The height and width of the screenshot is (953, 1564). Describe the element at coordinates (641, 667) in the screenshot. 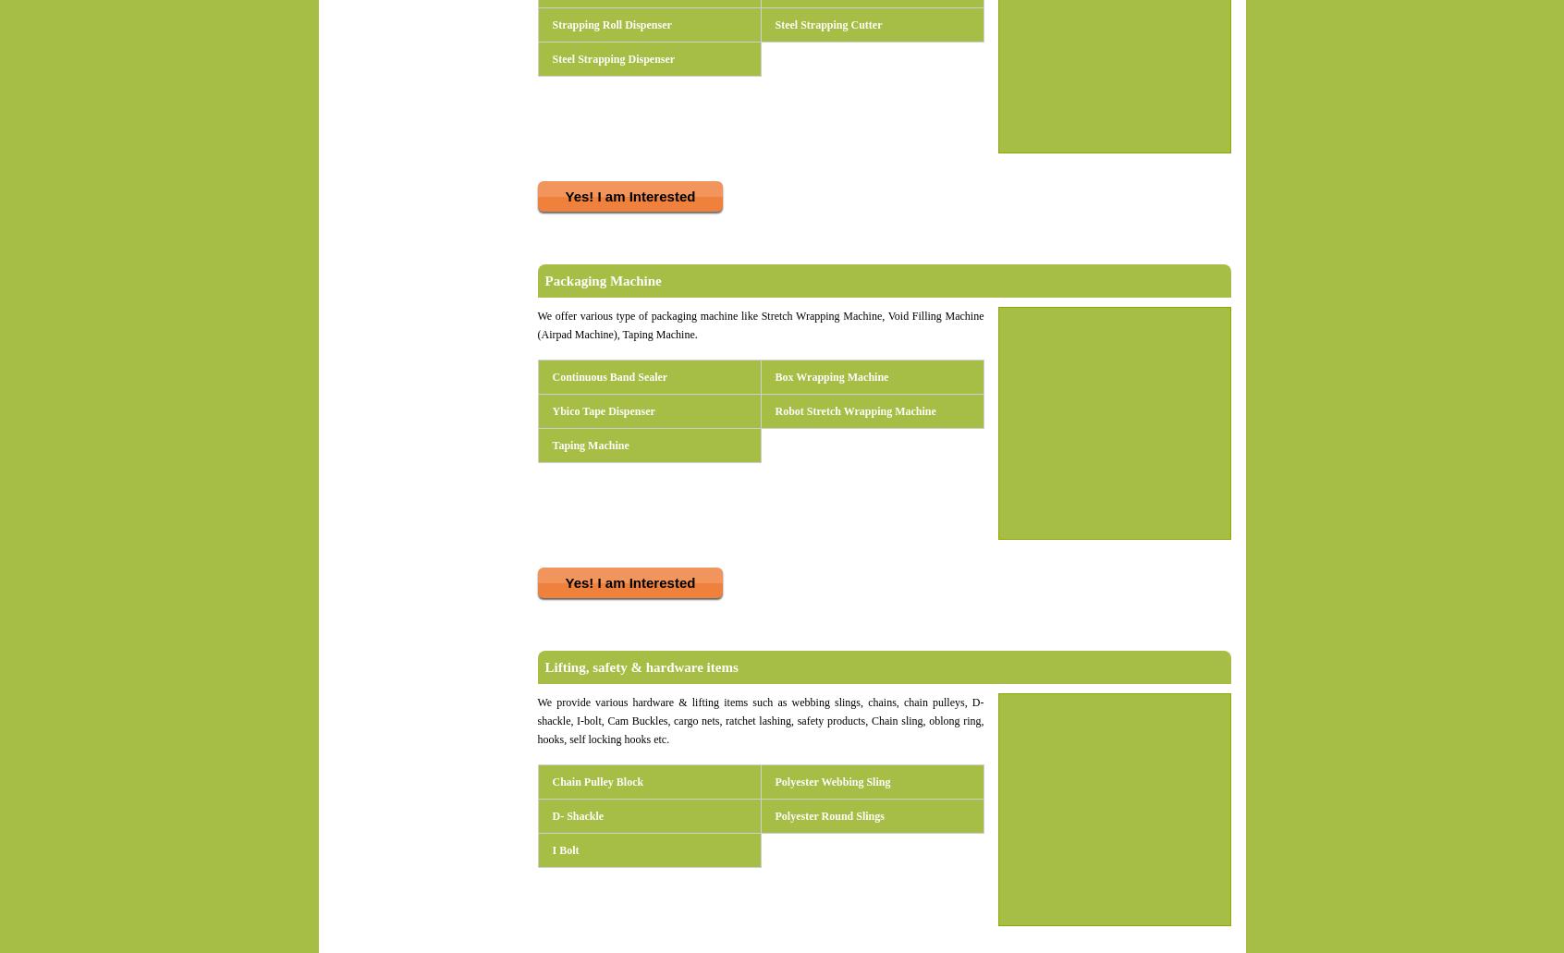

I see `'Lifting, safety & hardware items'` at that location.